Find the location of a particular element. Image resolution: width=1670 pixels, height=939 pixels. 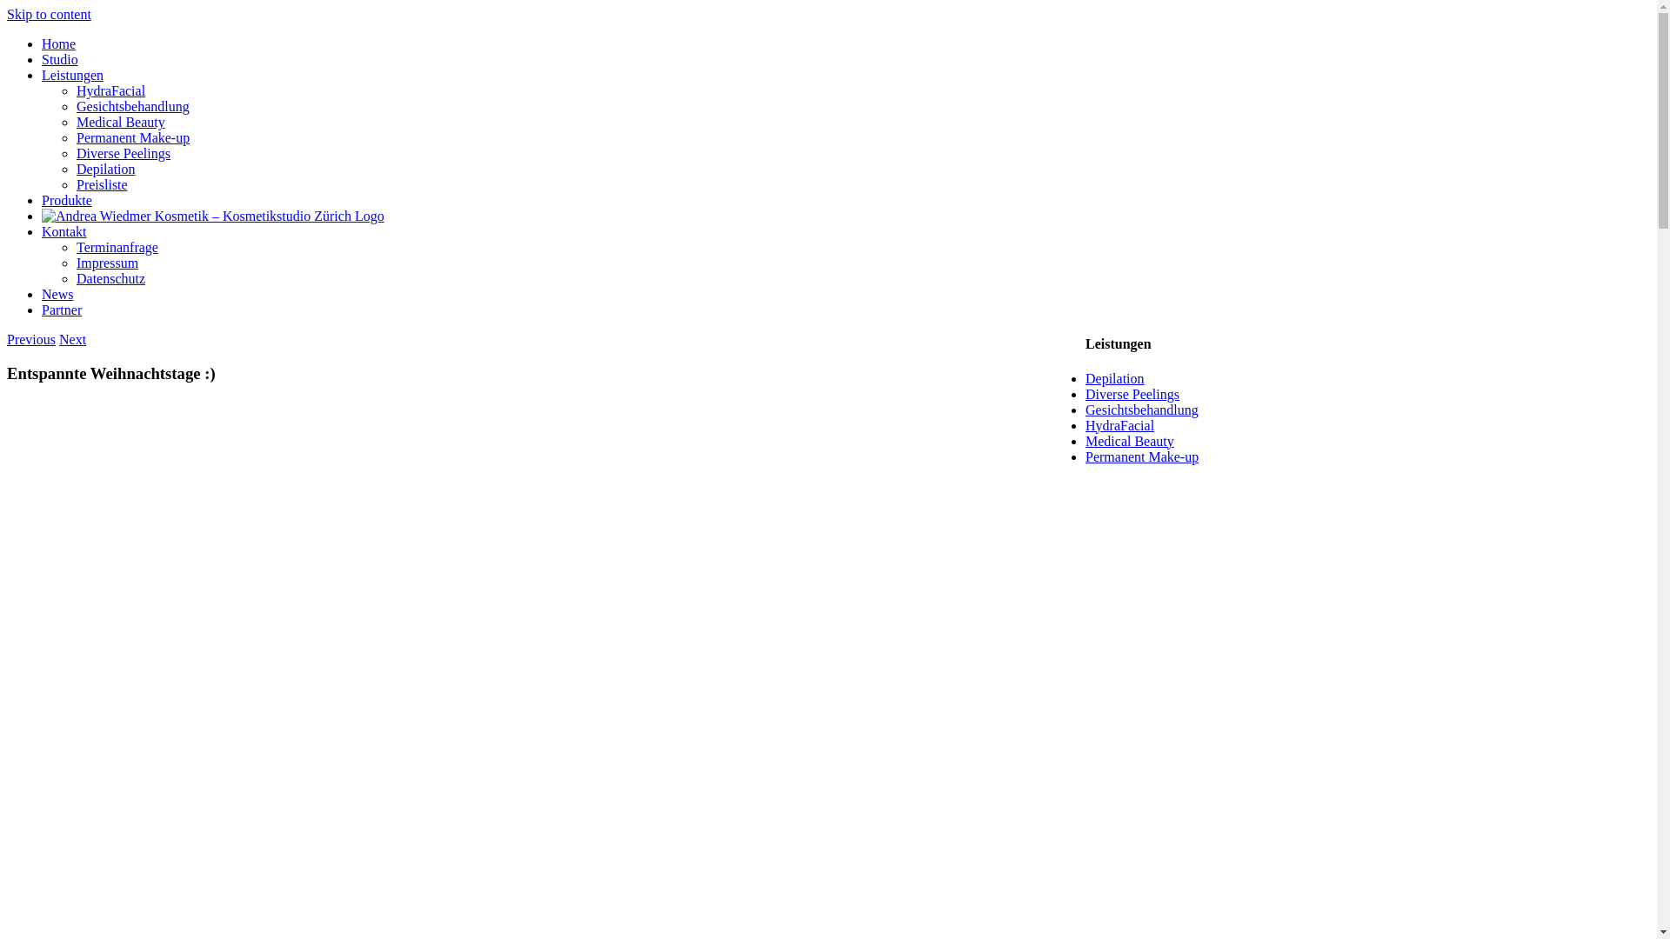

'Kontakt' is located at coordinates (42, 230).